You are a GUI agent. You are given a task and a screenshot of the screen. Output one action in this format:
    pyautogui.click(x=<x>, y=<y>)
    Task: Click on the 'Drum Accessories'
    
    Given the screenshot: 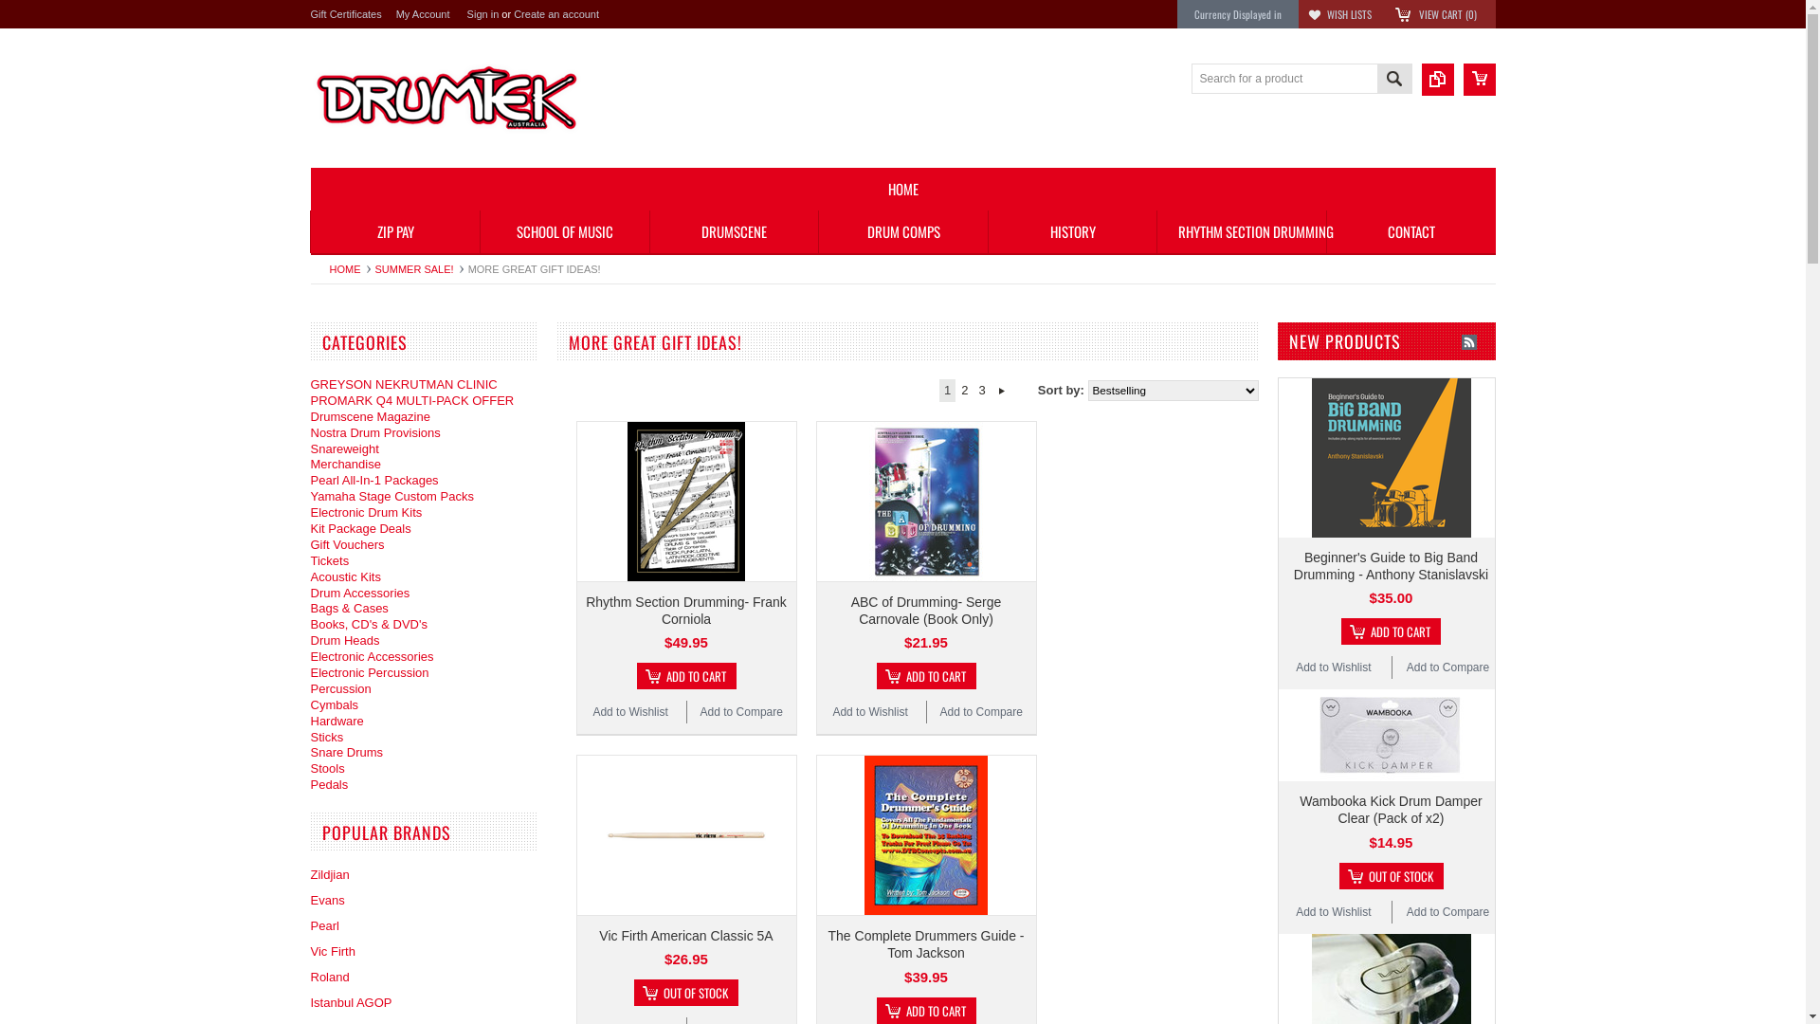 What is the action you would take?
    pyautogui.click(x=360, y=592)
    